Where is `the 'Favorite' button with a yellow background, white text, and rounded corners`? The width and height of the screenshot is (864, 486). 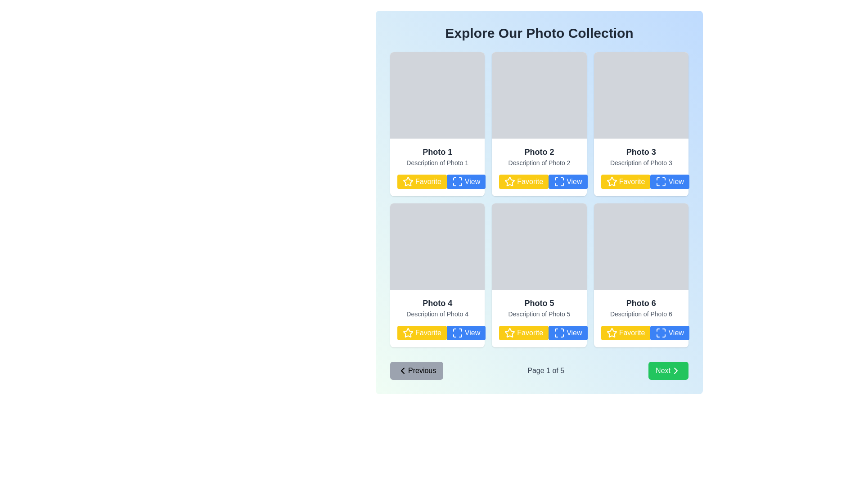 the 'Favorite' button with a yellow background, white text, and rounded corners is located at coordinates (524, 182).